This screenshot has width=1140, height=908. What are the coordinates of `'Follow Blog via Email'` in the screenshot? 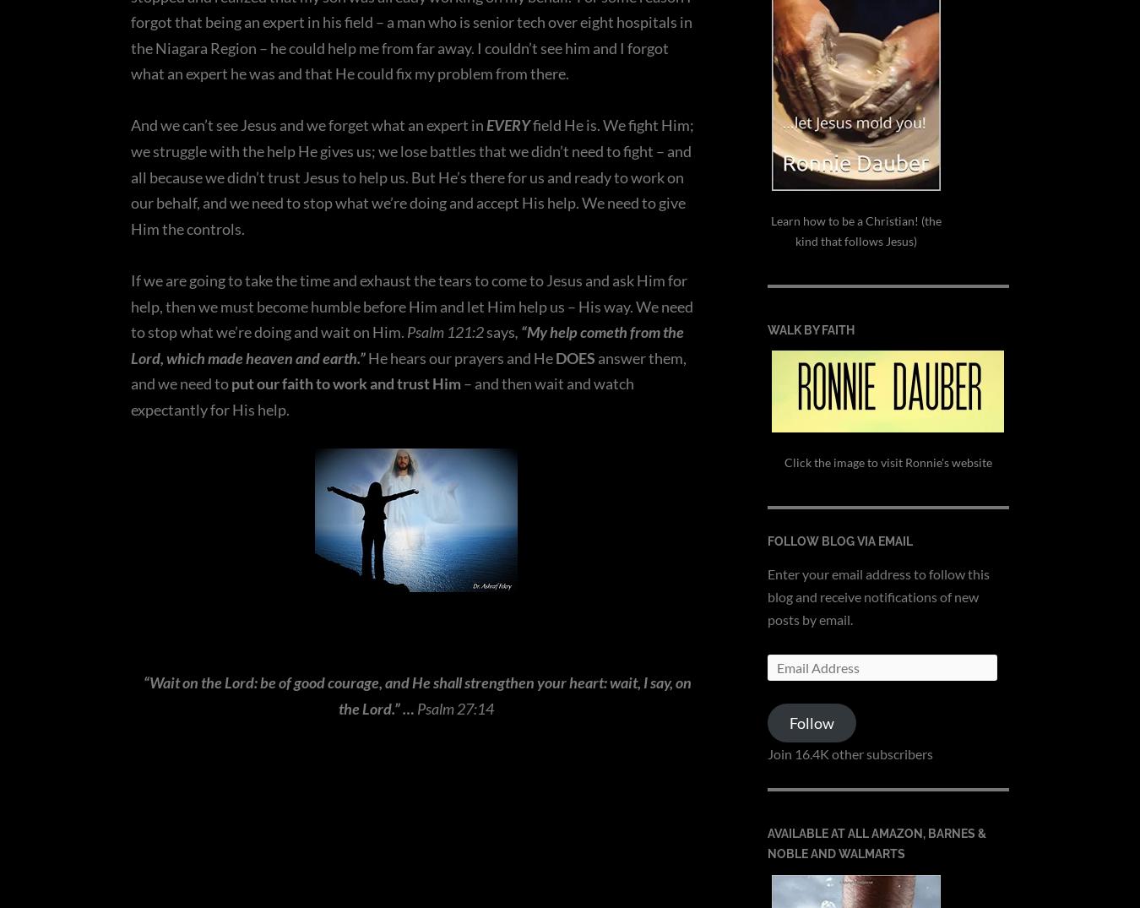 It's located at (839, 541).